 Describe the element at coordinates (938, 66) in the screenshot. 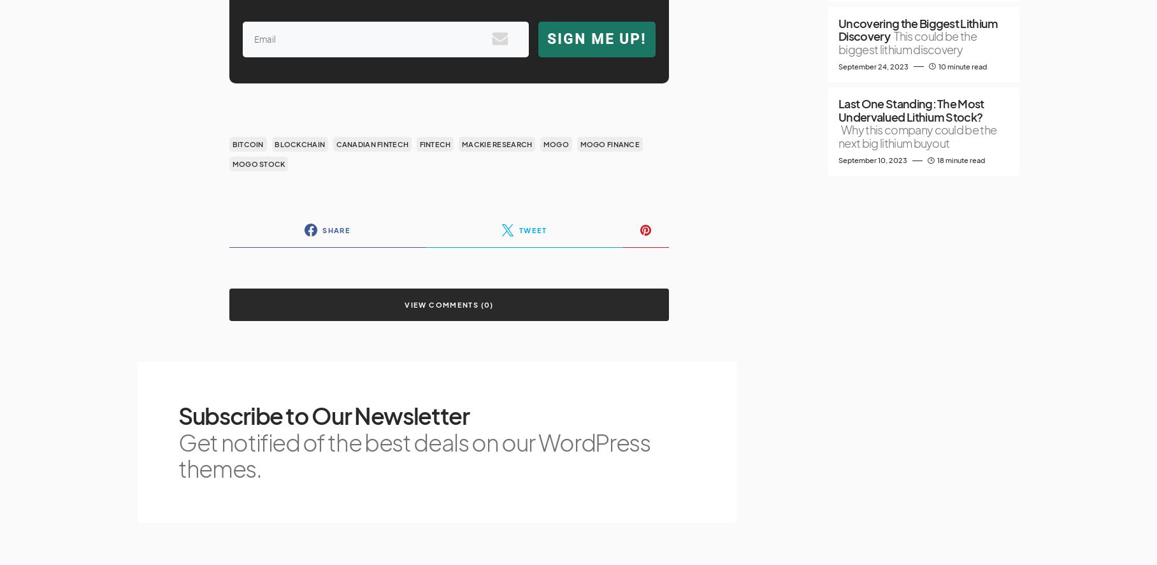

I see `'10 minute read'` at that location.